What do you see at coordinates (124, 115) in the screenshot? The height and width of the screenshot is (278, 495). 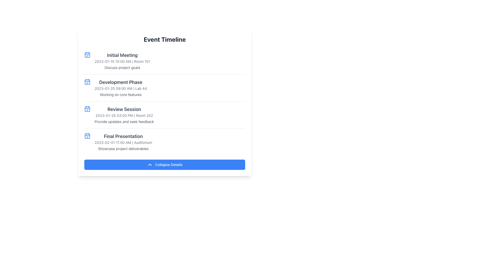 I see `details of the event displayed in the static informational text block titled 'Review Session' with the date, time, and location '2023-01-25 03:00 PM | Room 202'` at bounding box center [124, 115].